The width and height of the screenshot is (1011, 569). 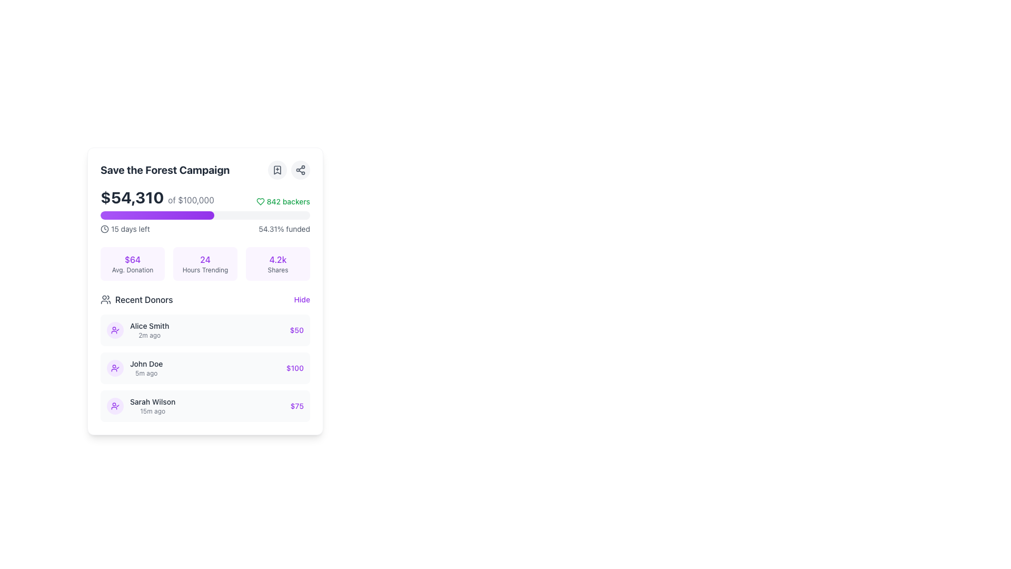 I want to click on text label displaying the current amount raised ($54,310) towards the fundraising goal ($100,000), which is located near the top-left section of the interface within a white panel, above the '842 backers' text, so click(x=156, y=197).